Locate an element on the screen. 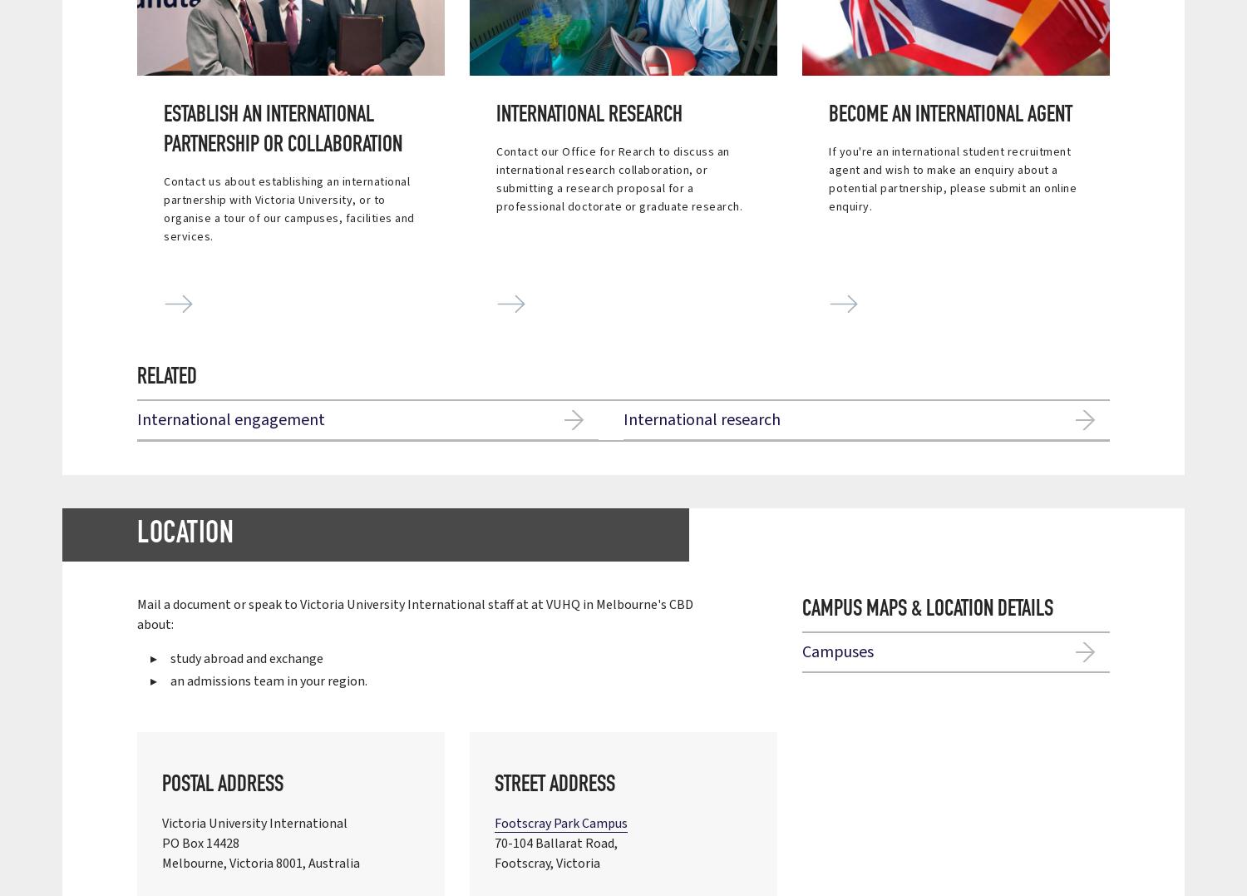  'Contact our Office for Rearch to discuss an international research collaboration, or submitting a research proposal for a professional doctorate or graduate research.' is located at coordinates (495, 180).